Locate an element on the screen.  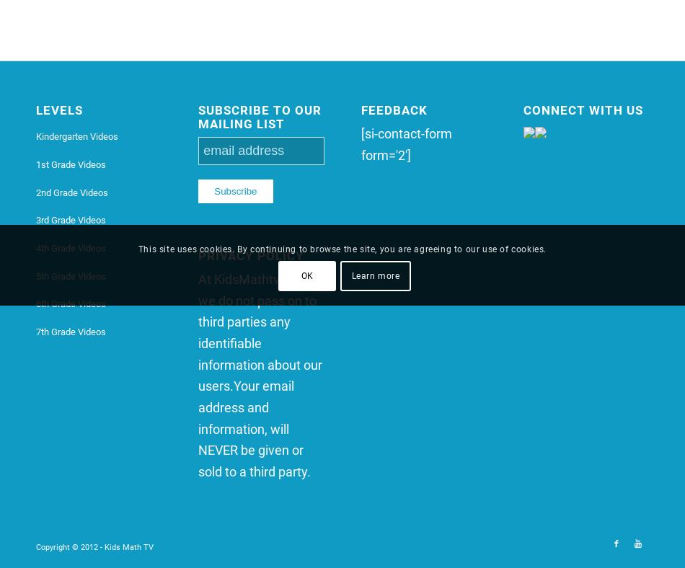
'Kindergarten Videos' is located at coordinates (35, 136).